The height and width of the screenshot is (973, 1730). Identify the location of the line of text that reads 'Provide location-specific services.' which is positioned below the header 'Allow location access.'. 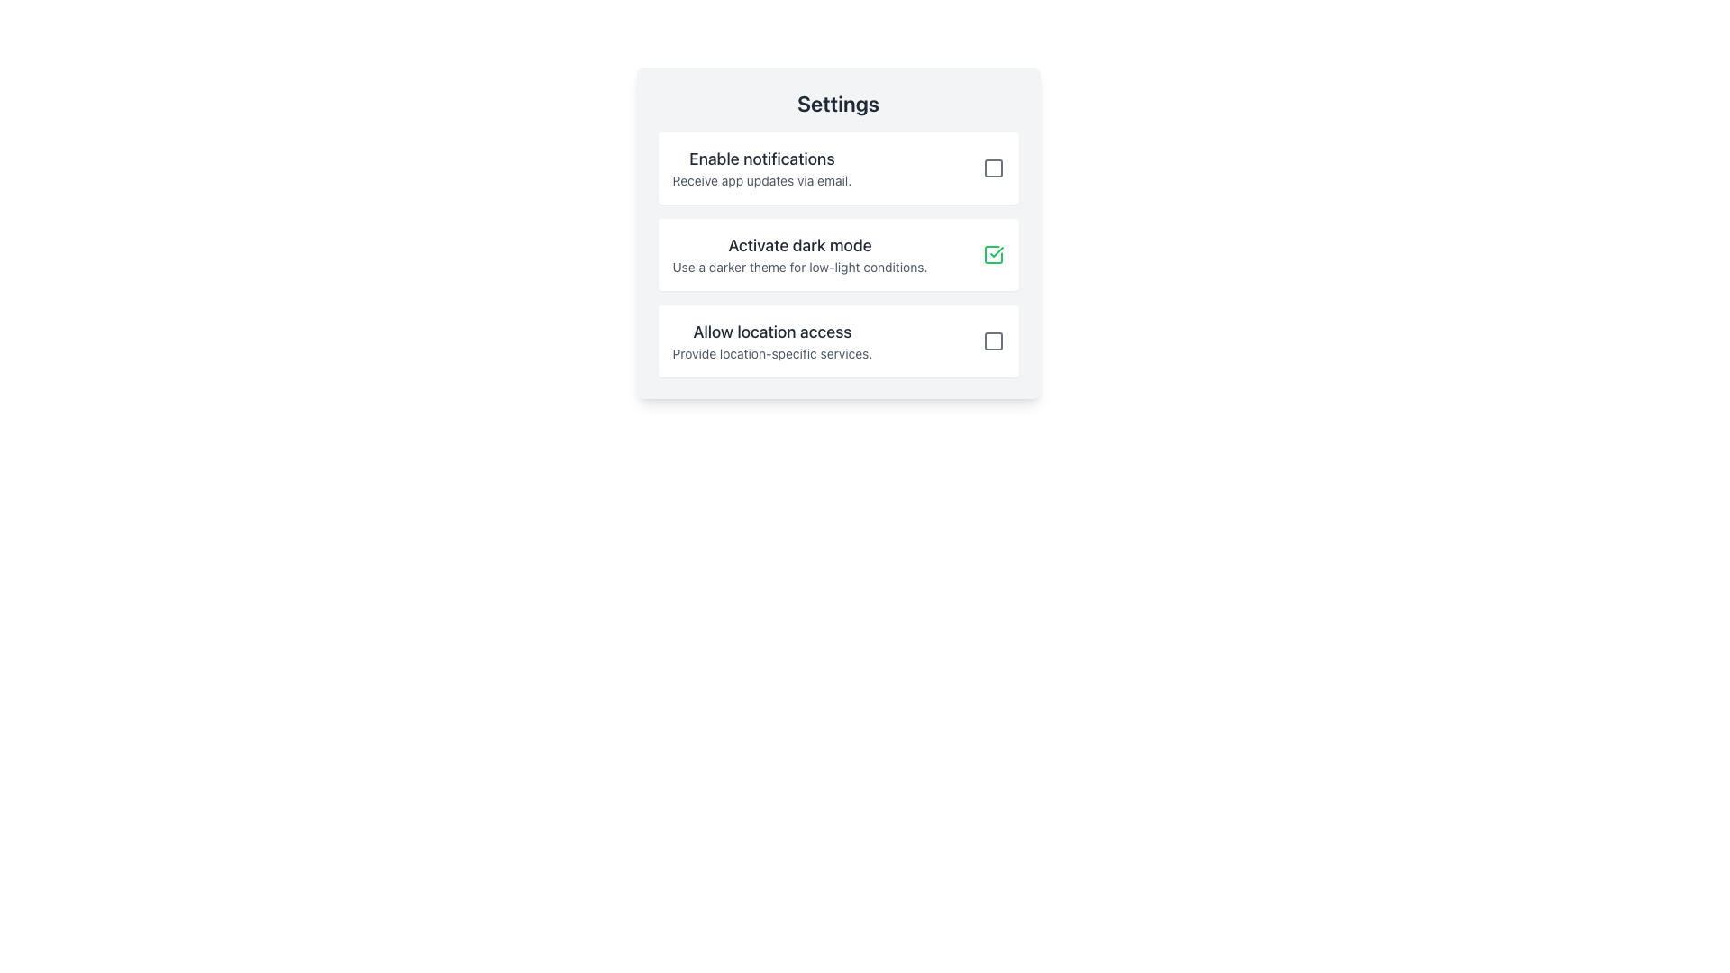
(772, 354).